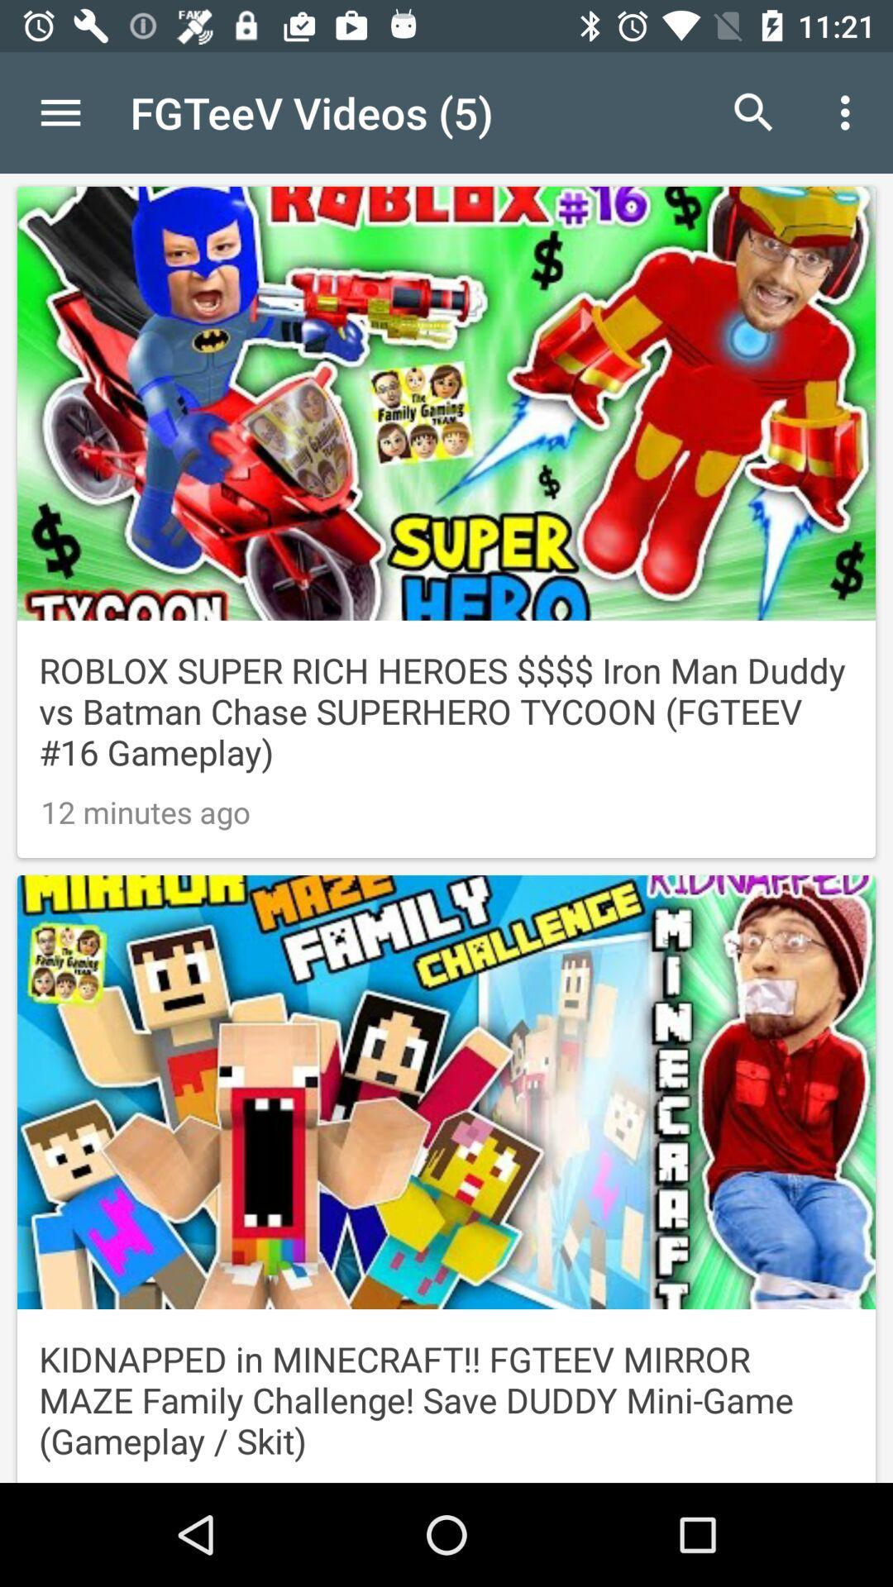  What do you see at coordinates (753, 112) in the screenshot?
I see `the icon to the right of the fgteev videos (5) app` at bounding box center [753, 112].